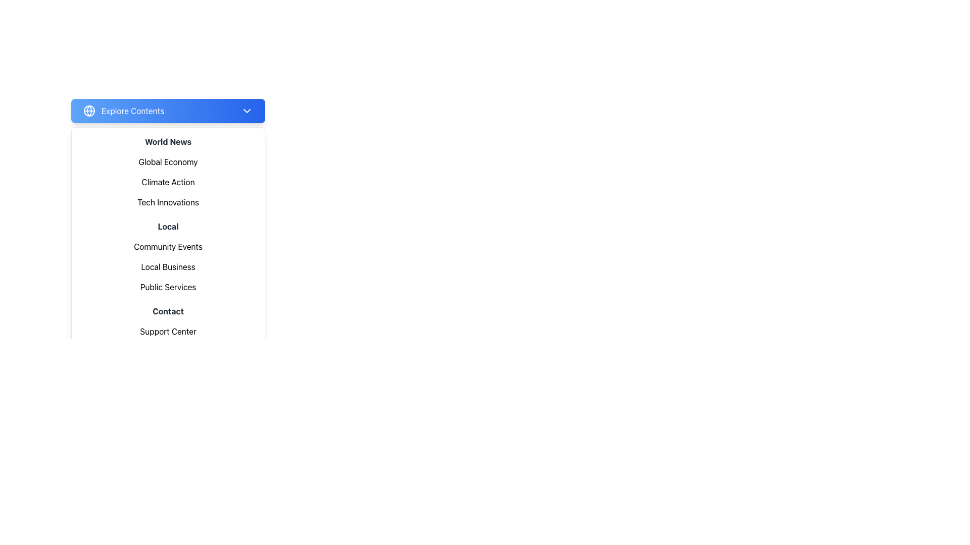 This screenshot has width=970, height=545. Describe the element at coordinates (168, 173) in the screenshot. I see `the 'Climate Action' item in the 'World News' navigational menu group` at that location.